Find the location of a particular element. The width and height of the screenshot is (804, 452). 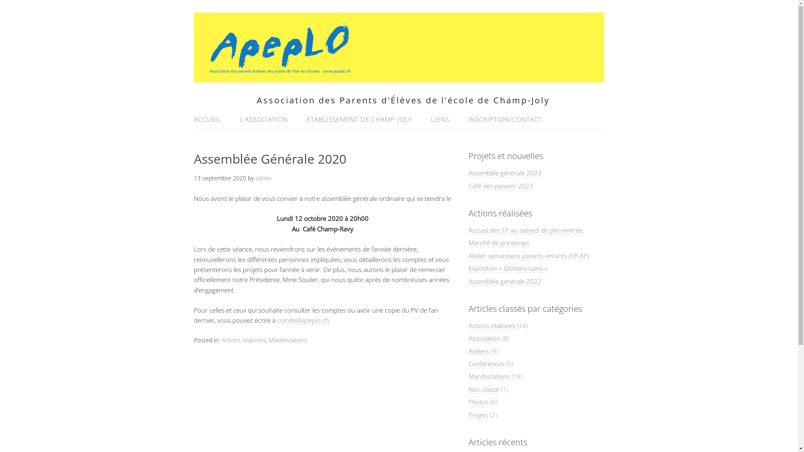

'admin' is located at coordinates (263, 177).